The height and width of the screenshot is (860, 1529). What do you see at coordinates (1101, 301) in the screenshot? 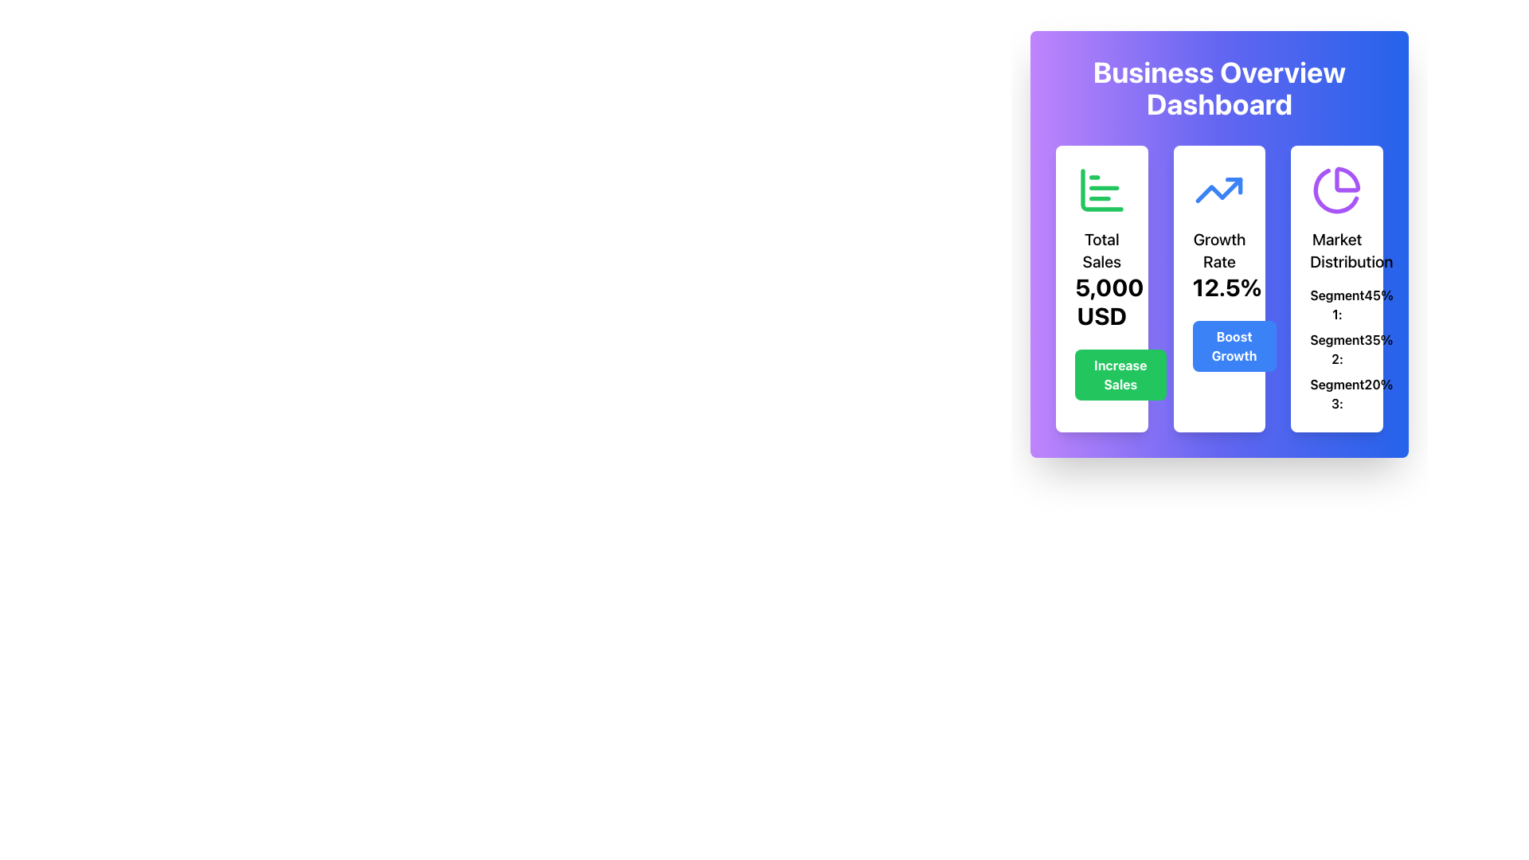
I see `the text display element that shows the total sales figure, which is located below the 'Total Sales' label and above the 'Increase Sales' button` at bounding box center [1101, 301].